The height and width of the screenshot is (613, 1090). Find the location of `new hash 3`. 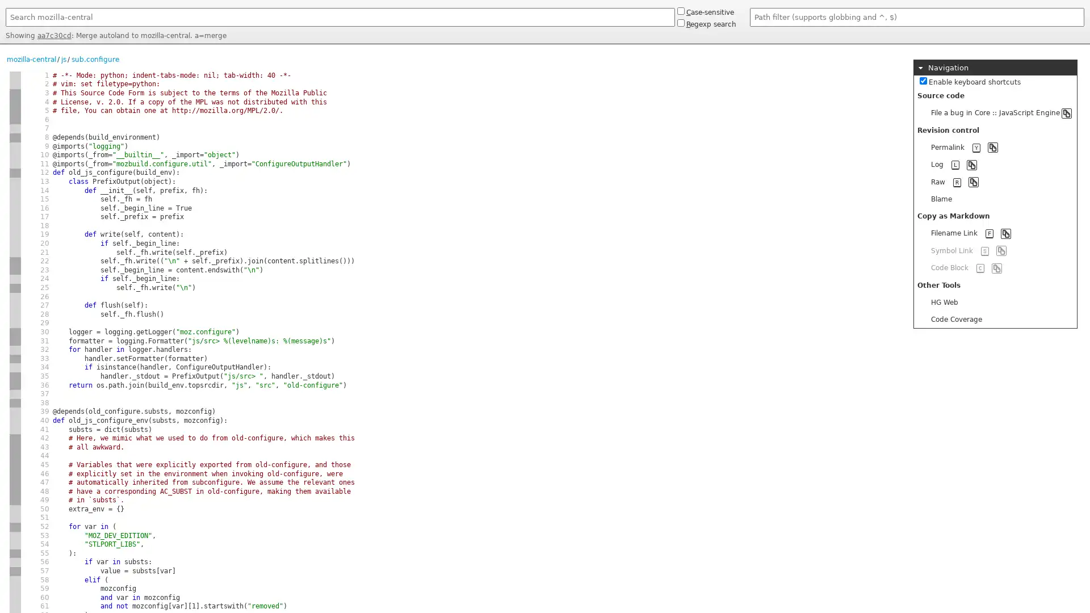

new hash 3 is located at coordinates (15, 146).